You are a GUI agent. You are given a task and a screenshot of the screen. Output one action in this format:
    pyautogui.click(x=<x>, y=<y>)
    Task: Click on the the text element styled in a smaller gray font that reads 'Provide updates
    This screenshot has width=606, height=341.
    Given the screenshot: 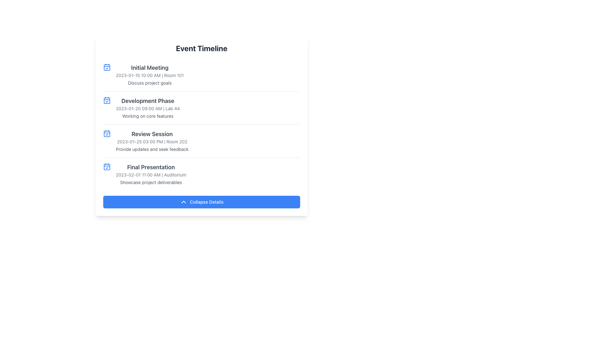 What is the action you would take?
    pyautogui.click(x=152, y=149)
    